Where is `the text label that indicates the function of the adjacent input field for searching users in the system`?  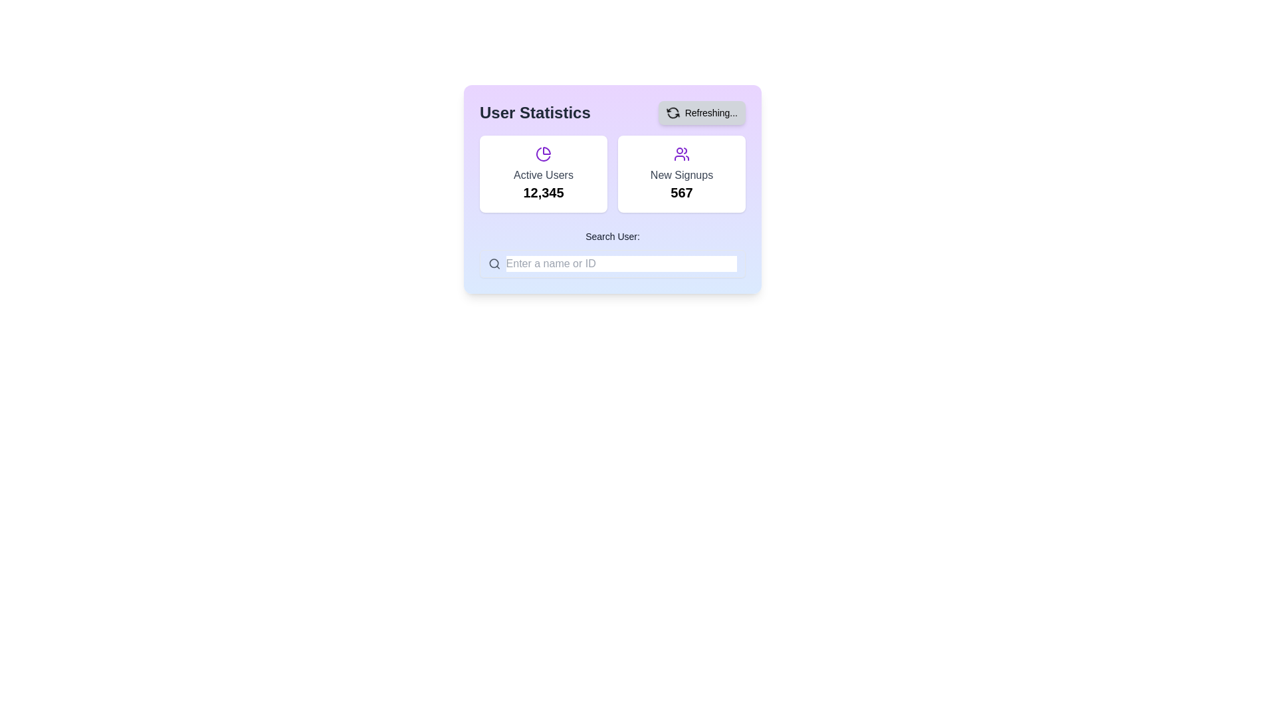
the text label that indicates the function of the adjacent input field for searching users in the system is located at coordinates (611, 235).